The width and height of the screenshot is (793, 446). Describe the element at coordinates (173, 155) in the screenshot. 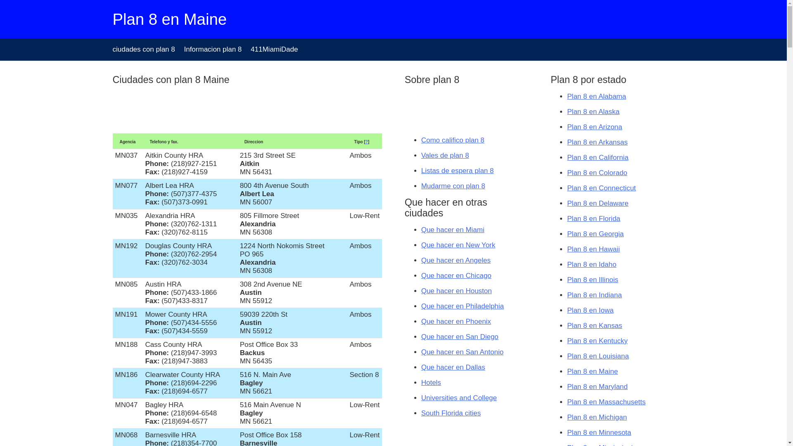

I see `'Aitkin County HRA'` at that location.